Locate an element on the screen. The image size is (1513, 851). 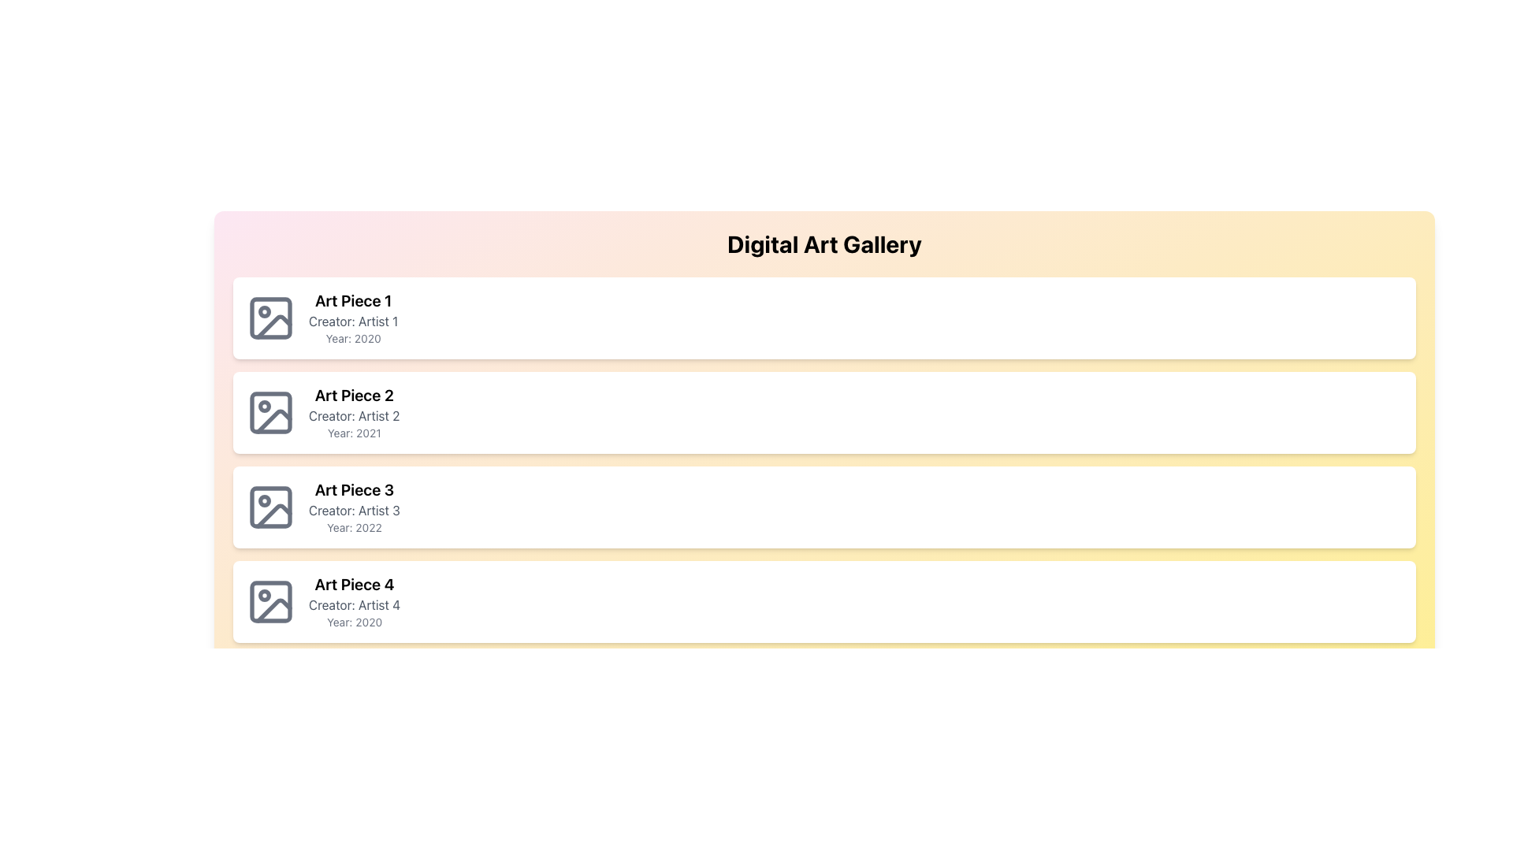
text of the bold, large-sized title 'Art Piece 3' displayed in black, which is the third entry in a vertical list of art pieces is located at coordinates (353, 489).